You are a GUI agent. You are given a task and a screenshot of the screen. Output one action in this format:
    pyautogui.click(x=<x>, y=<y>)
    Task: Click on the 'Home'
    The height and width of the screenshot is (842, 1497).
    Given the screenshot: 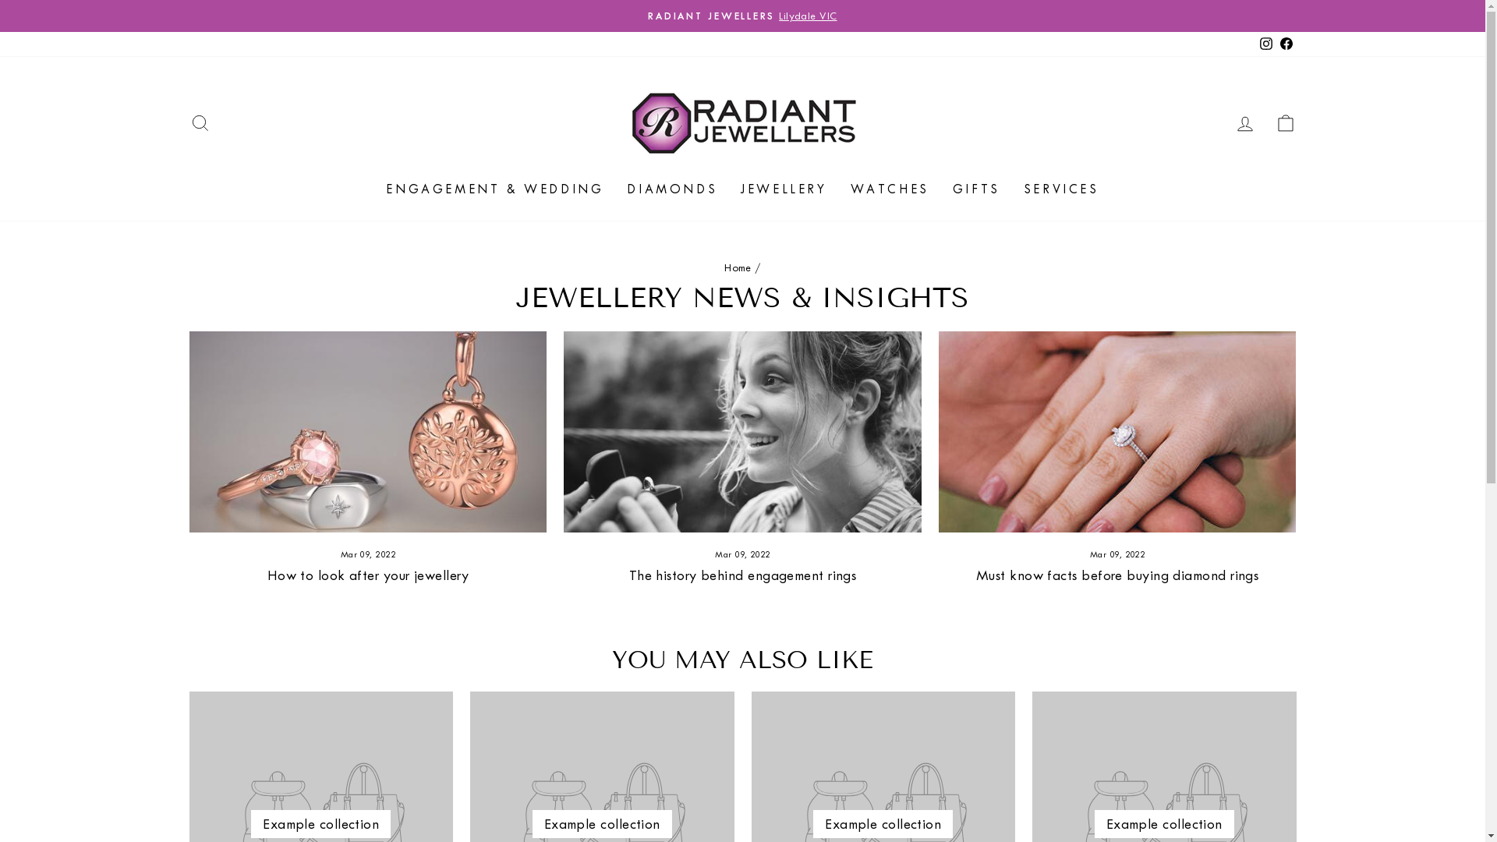 What is the action you would take?
    pyautogui.click(x=737, y=267)
    